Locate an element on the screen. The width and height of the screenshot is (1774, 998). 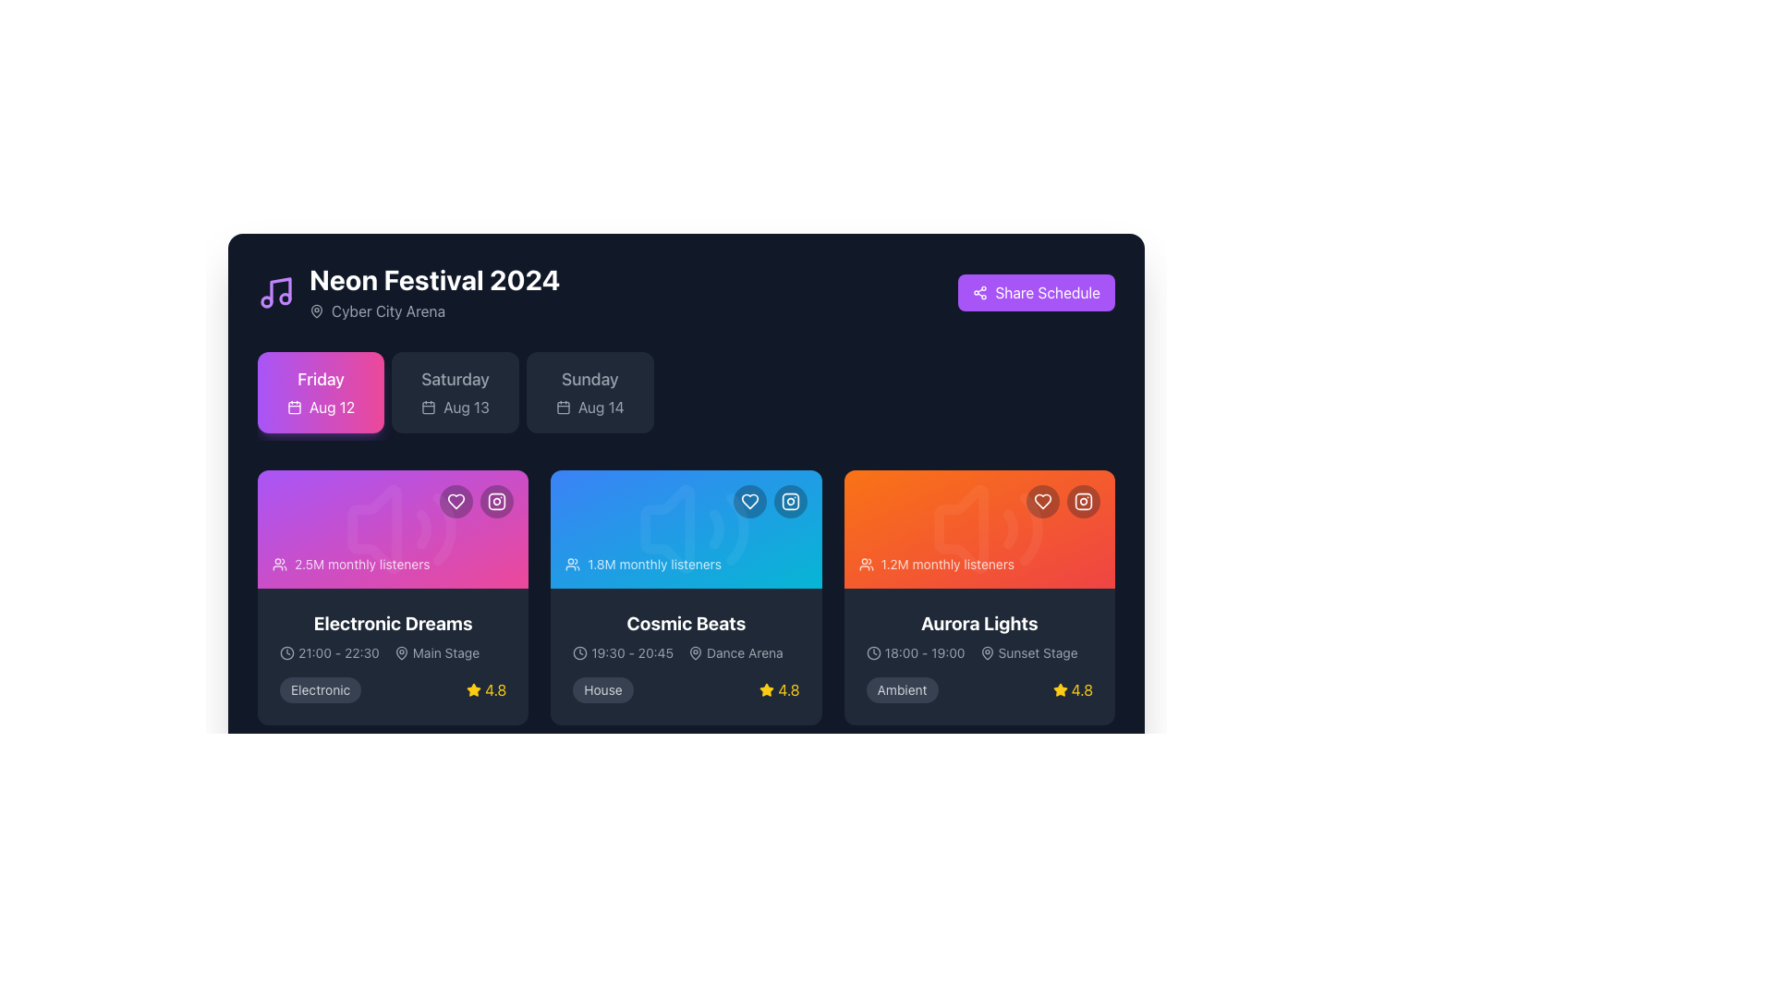
the text label indicating the location 'Cyber City Arena', which is positioned below the main heading 'Neon Festival 2024' and is accompanied by a location pin icon is located at coordinates (387, 310).